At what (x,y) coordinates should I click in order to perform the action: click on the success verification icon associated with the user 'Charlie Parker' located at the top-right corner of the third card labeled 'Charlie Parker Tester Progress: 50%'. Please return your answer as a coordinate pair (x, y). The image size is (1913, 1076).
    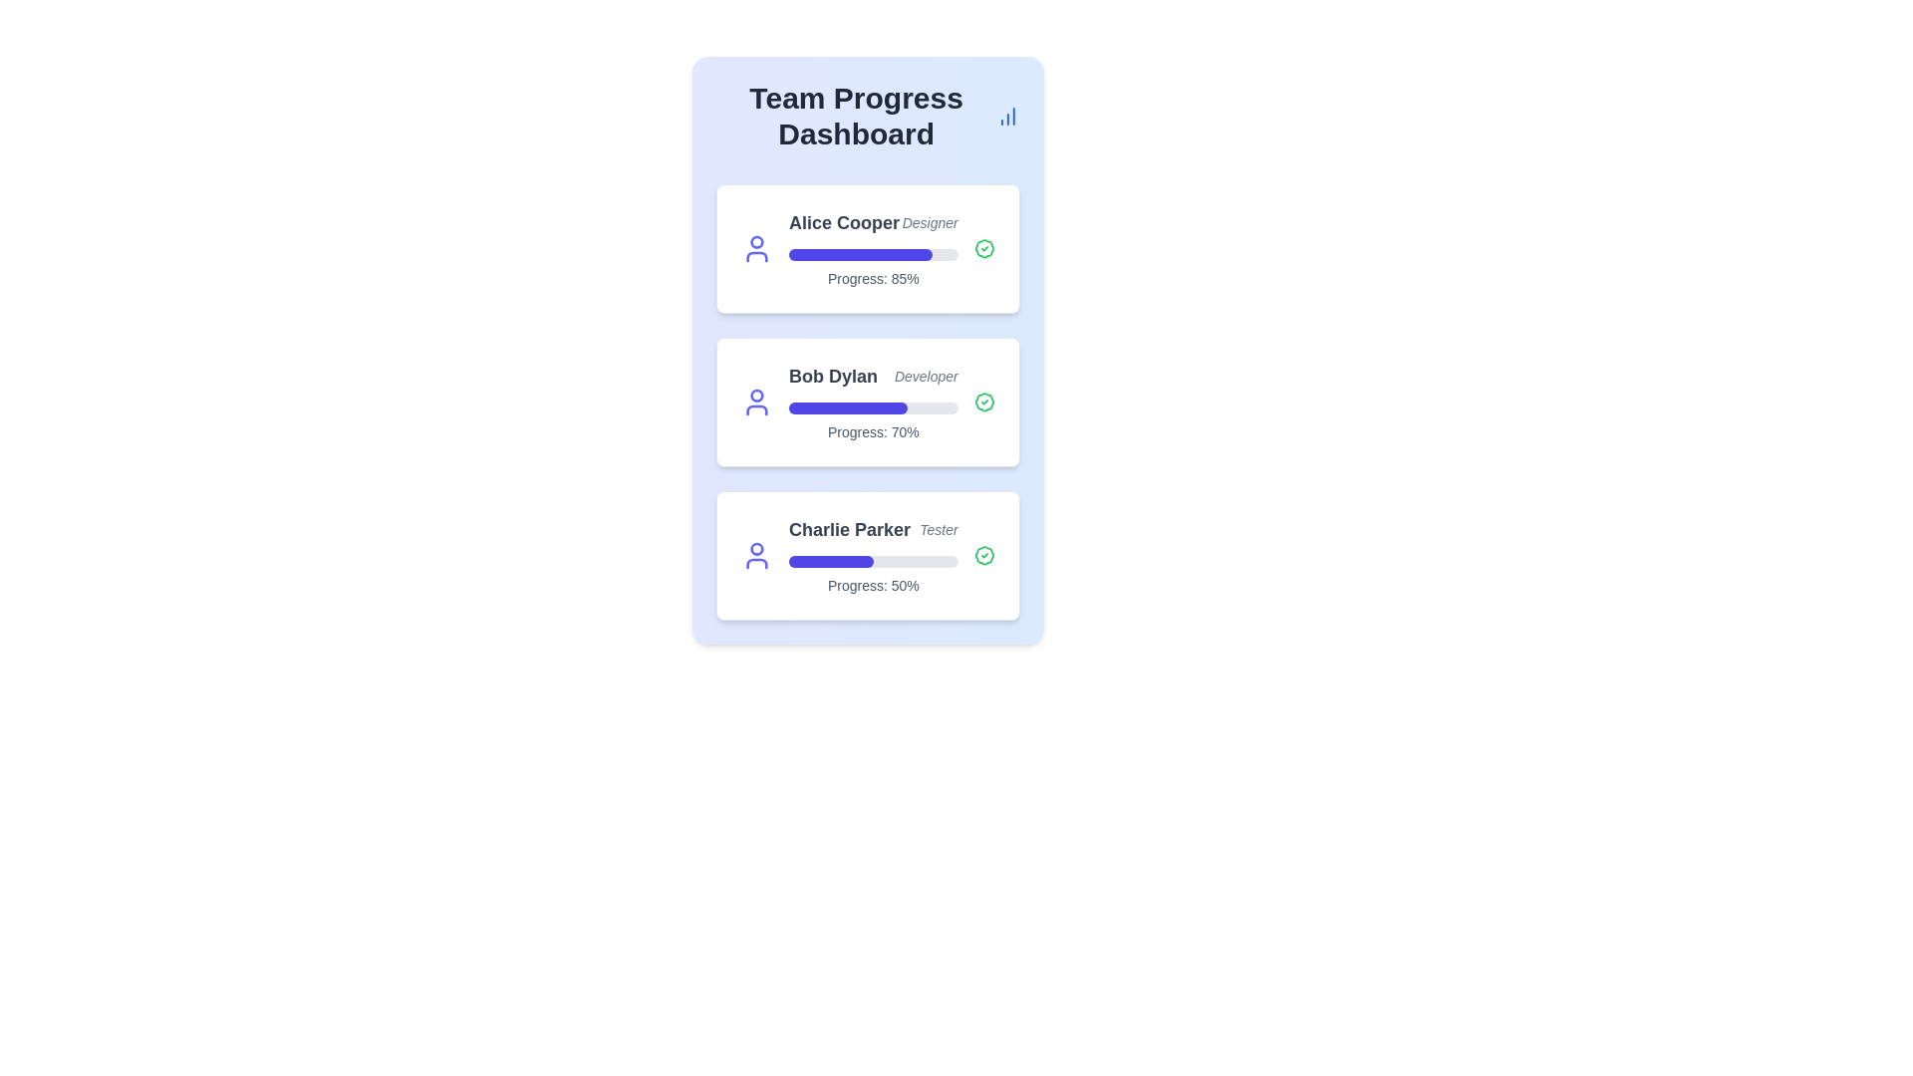
    Looking at the image, I should click on (984, 556).